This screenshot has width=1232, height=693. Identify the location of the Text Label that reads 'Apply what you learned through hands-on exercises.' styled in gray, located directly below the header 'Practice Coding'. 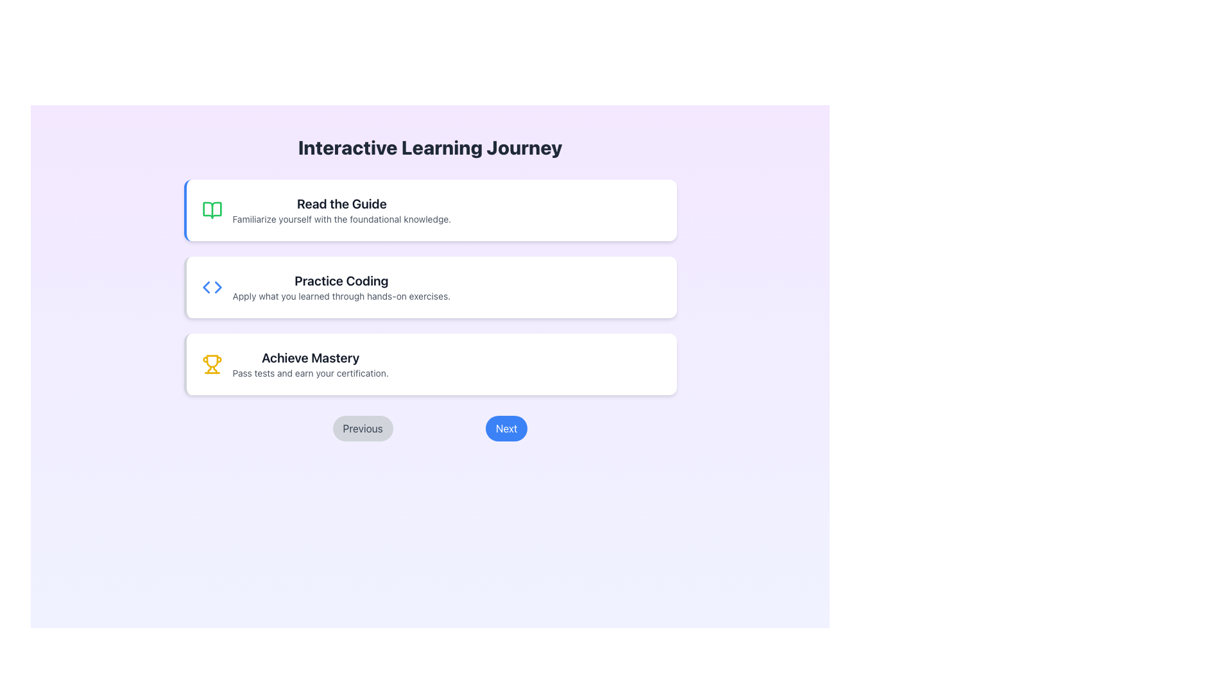
(341, 296).